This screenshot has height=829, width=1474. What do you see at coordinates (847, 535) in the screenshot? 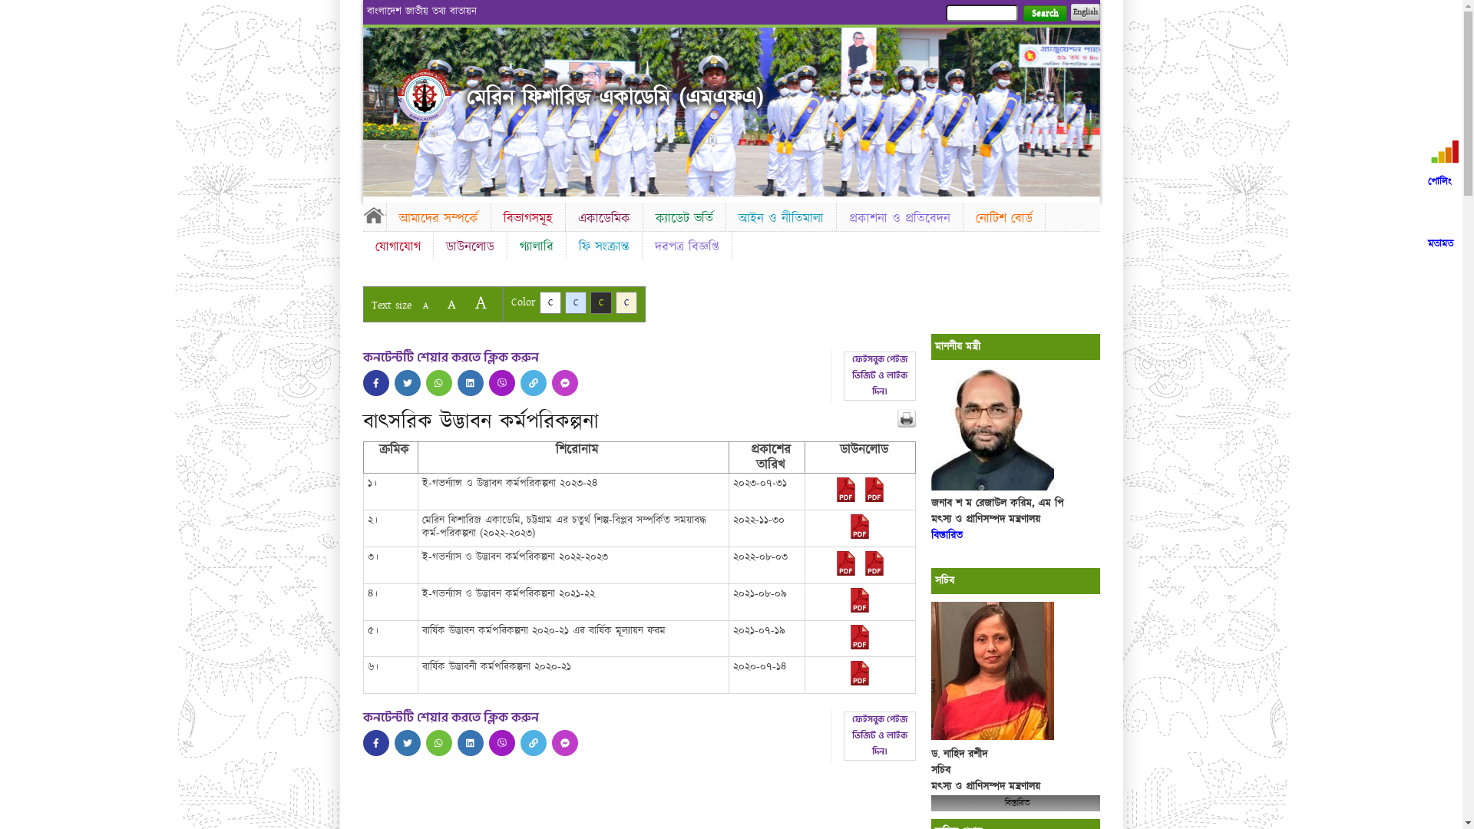
I see `'2022-11-30-07-36-f82b5afe315d9402b3232285633ddf25.pdf'` at bounding box center [847, 535].